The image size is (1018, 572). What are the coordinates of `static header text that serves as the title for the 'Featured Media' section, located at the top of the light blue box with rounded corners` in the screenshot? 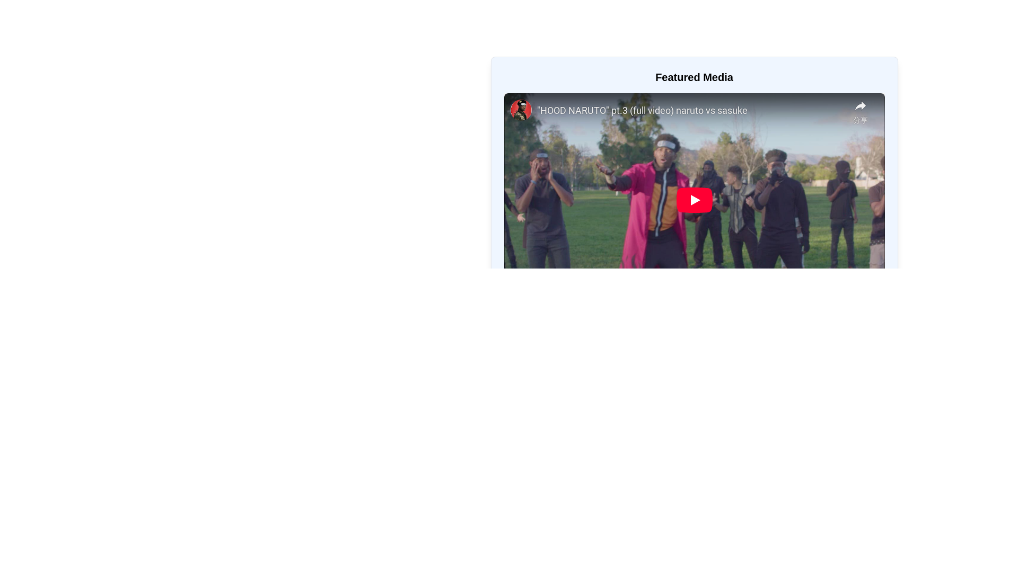 It's located at (694, 77).